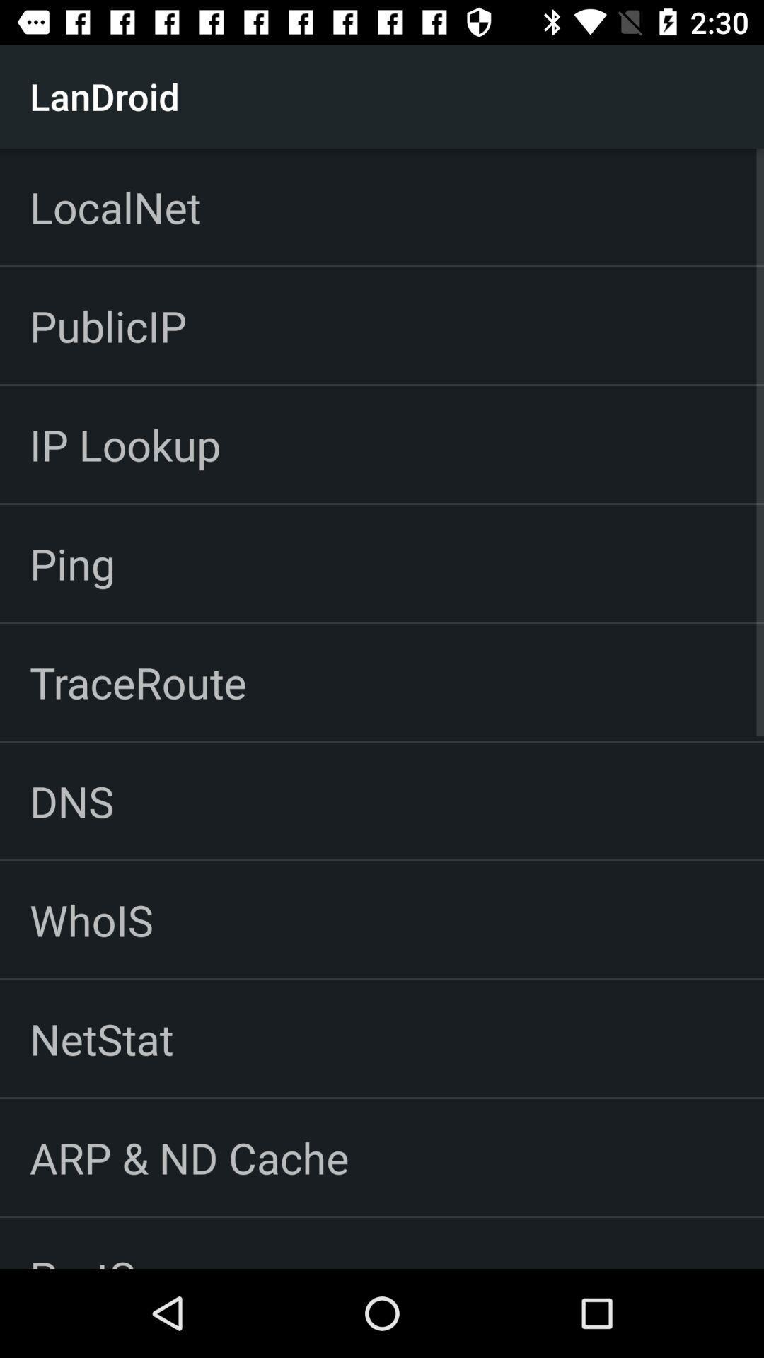 The height and width of the screenshot is (1358, 764). What do you see at coordinates (91, 919) in the screenshot?
I see `whois item` at bounding box center [91, 919].